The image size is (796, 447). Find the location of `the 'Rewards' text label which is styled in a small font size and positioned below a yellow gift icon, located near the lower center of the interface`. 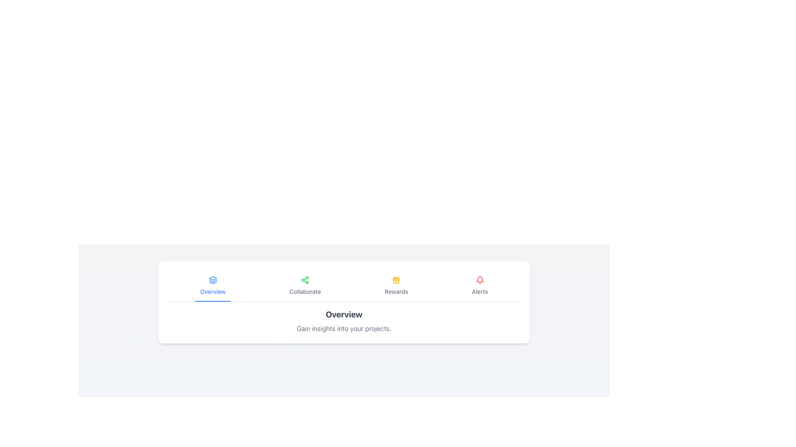

the 'Rewards' text label which is styled in a small font size and positioned below a yellow gift icon, located near the lower center of the interface is located at coordinates (396, 291).